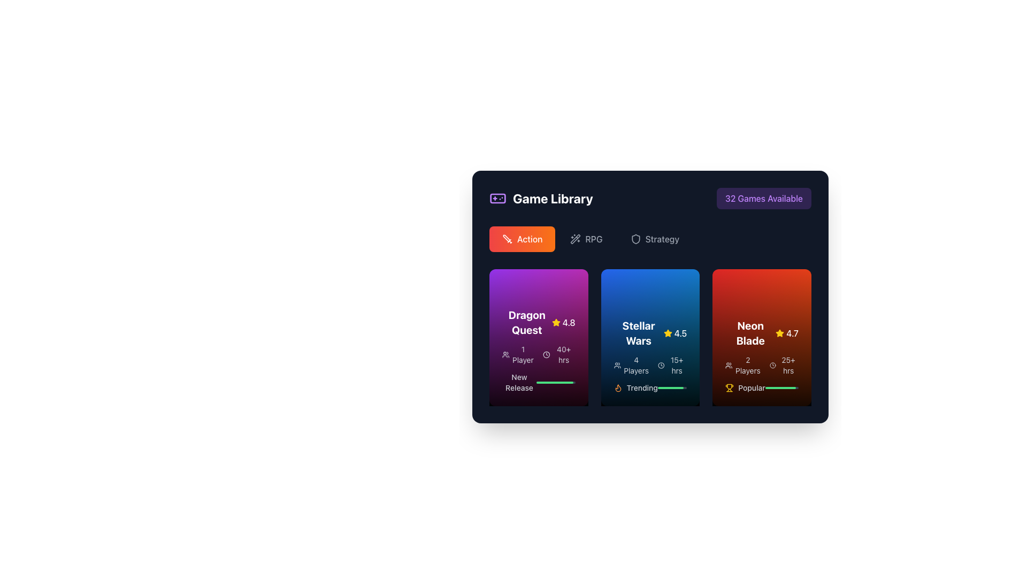 The width and height of the screenshot is (1027, 578). I want to click on informational label displaying the approximate time required for the activity in the 'Stellar Wars' card located in the 'Game Library' section, so click(672, 364).